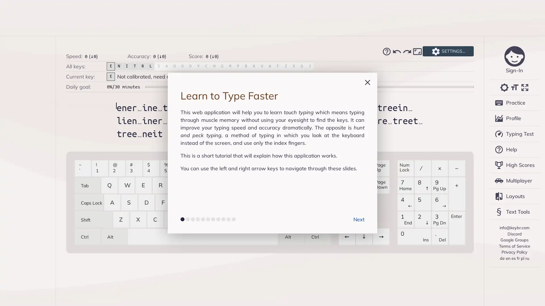 The width and height of the screenshot is (545, 306). Describe the element at coordinates (514, 87) in the screenshot. I see `Switch to theme Large Text Size.` at that location.